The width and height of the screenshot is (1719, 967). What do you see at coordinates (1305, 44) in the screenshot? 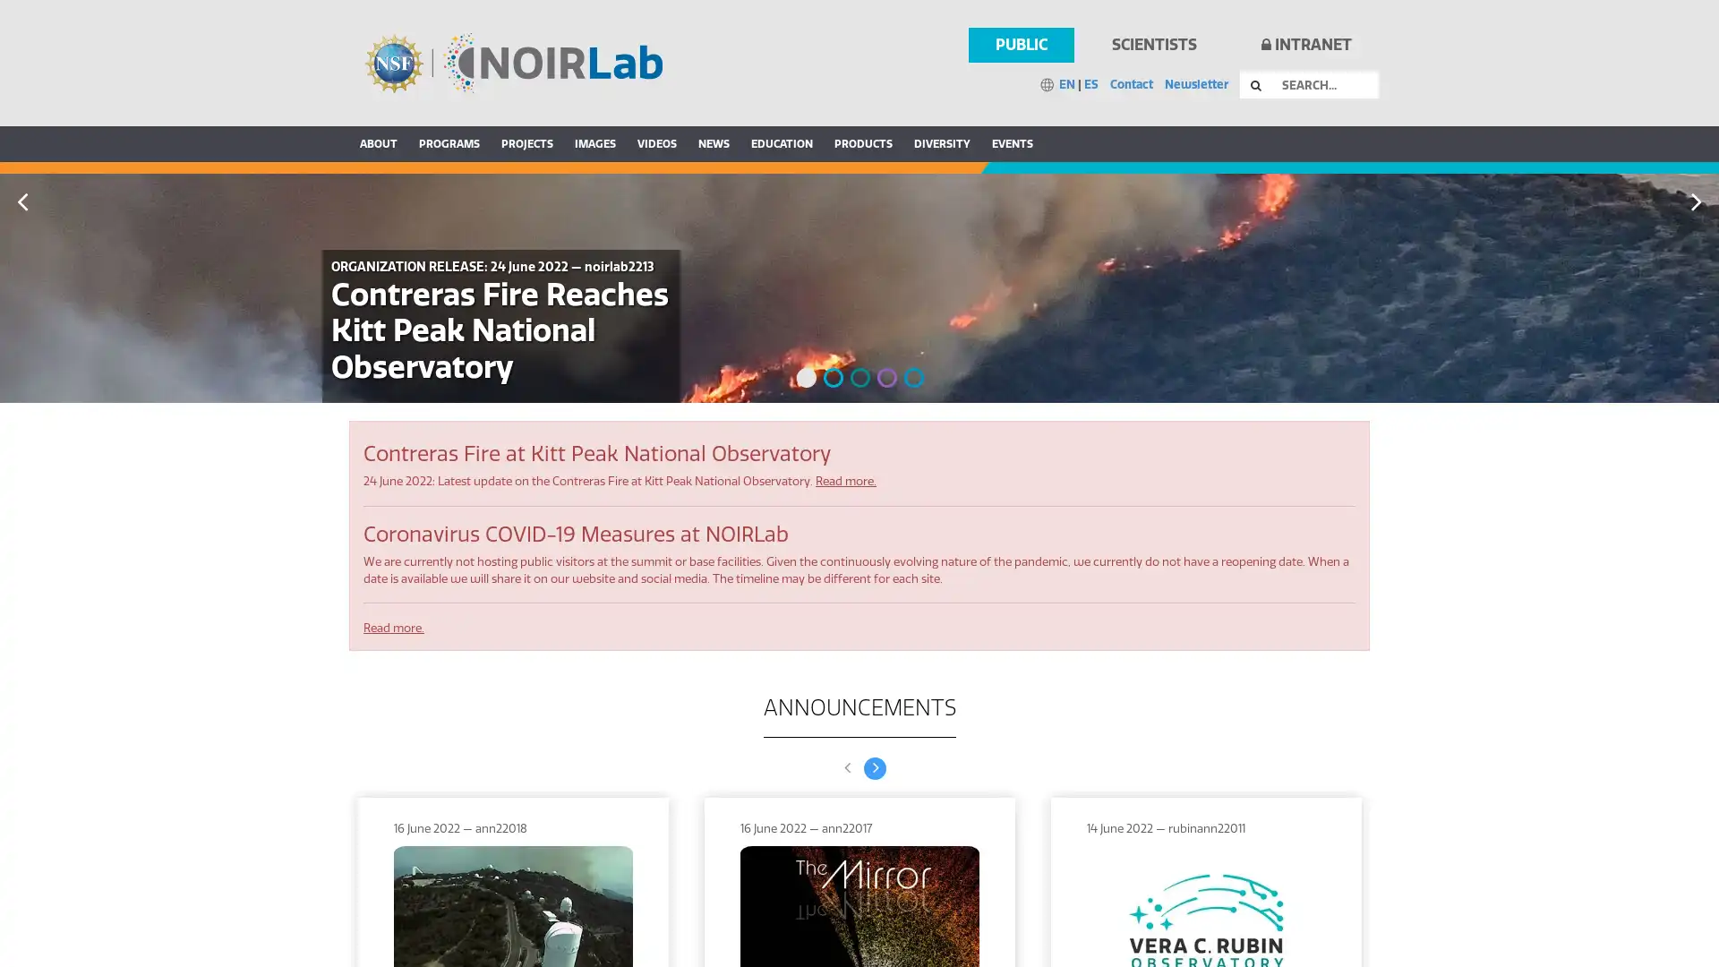
I see `INTRANET` at bounding box center [1305, 44].